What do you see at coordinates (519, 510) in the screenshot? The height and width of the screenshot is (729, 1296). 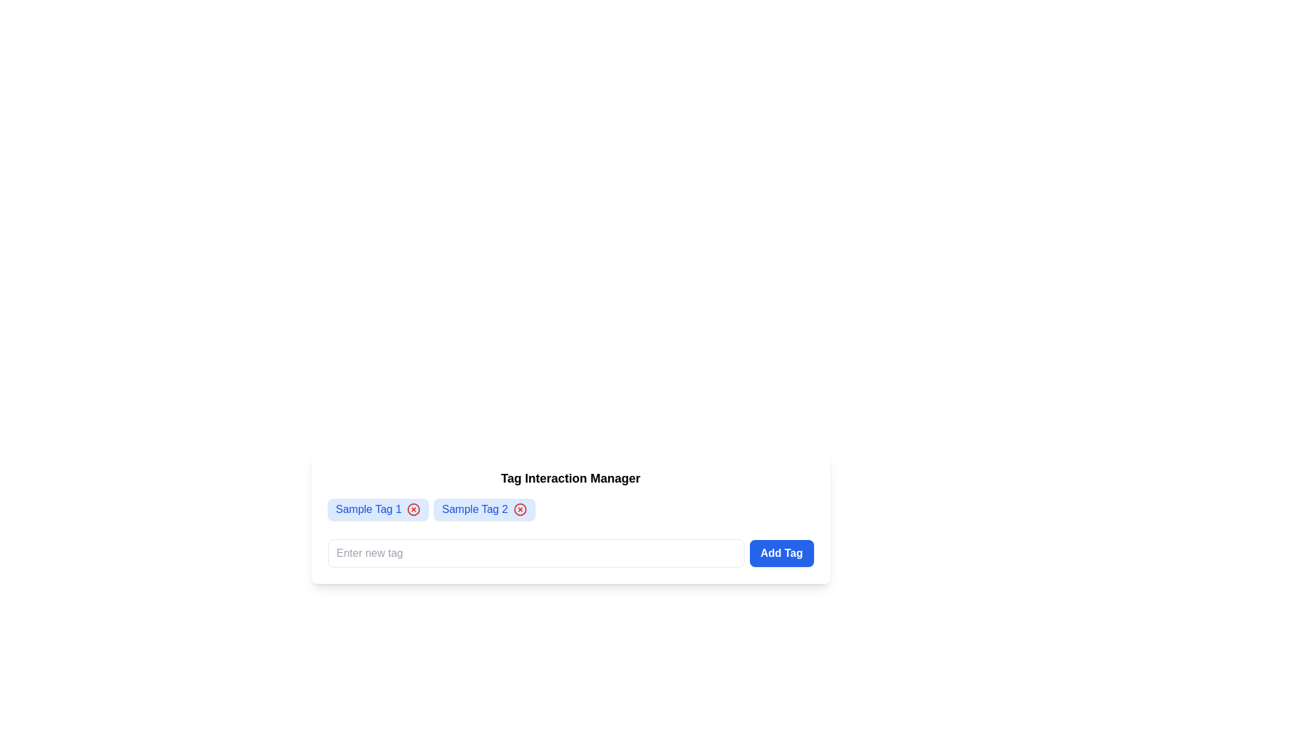 I see `the small circular red close button located to the right of the 'Sample Tag 2' label` at bounding box center [519, 510].